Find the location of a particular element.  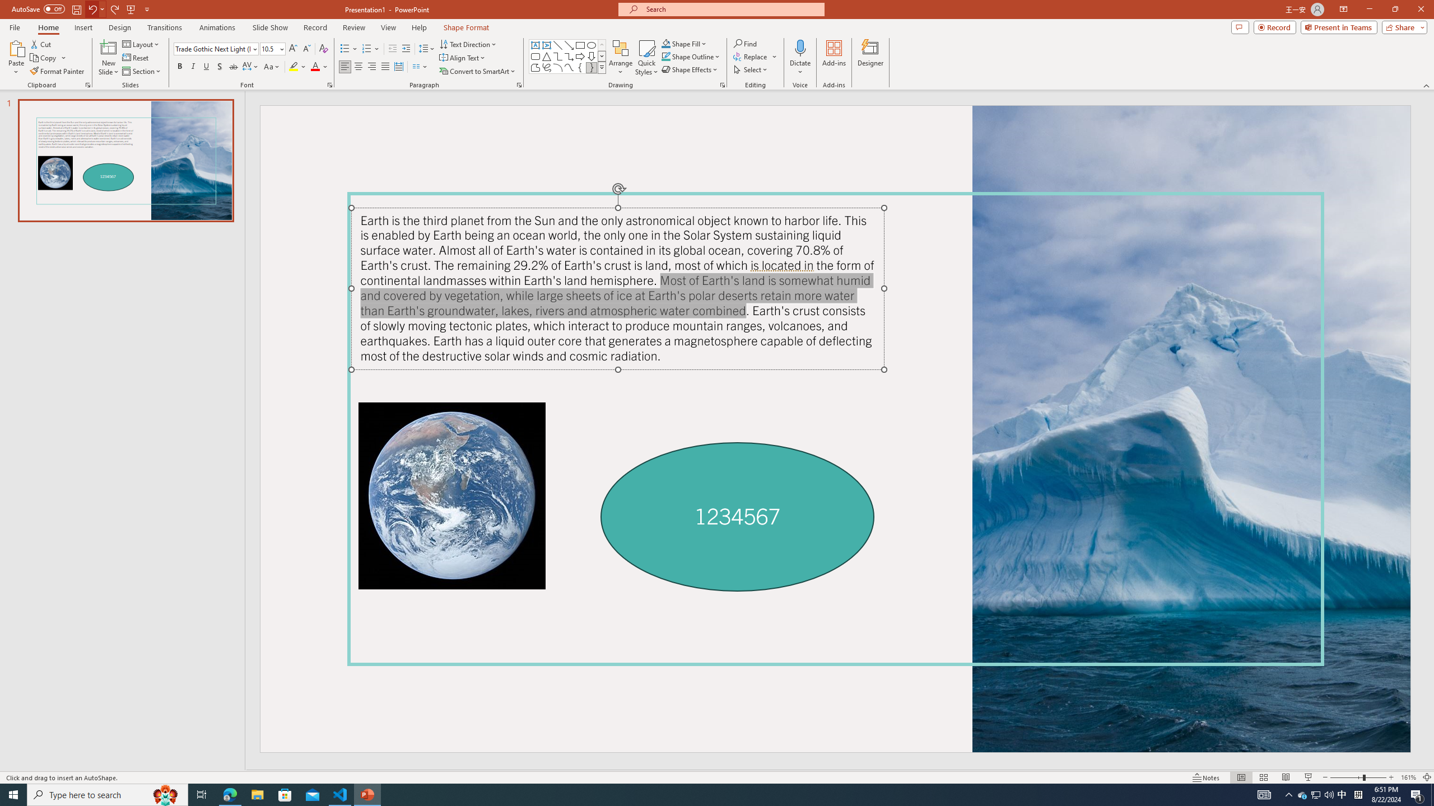

'Bold' is located at coordinates (180, 66).